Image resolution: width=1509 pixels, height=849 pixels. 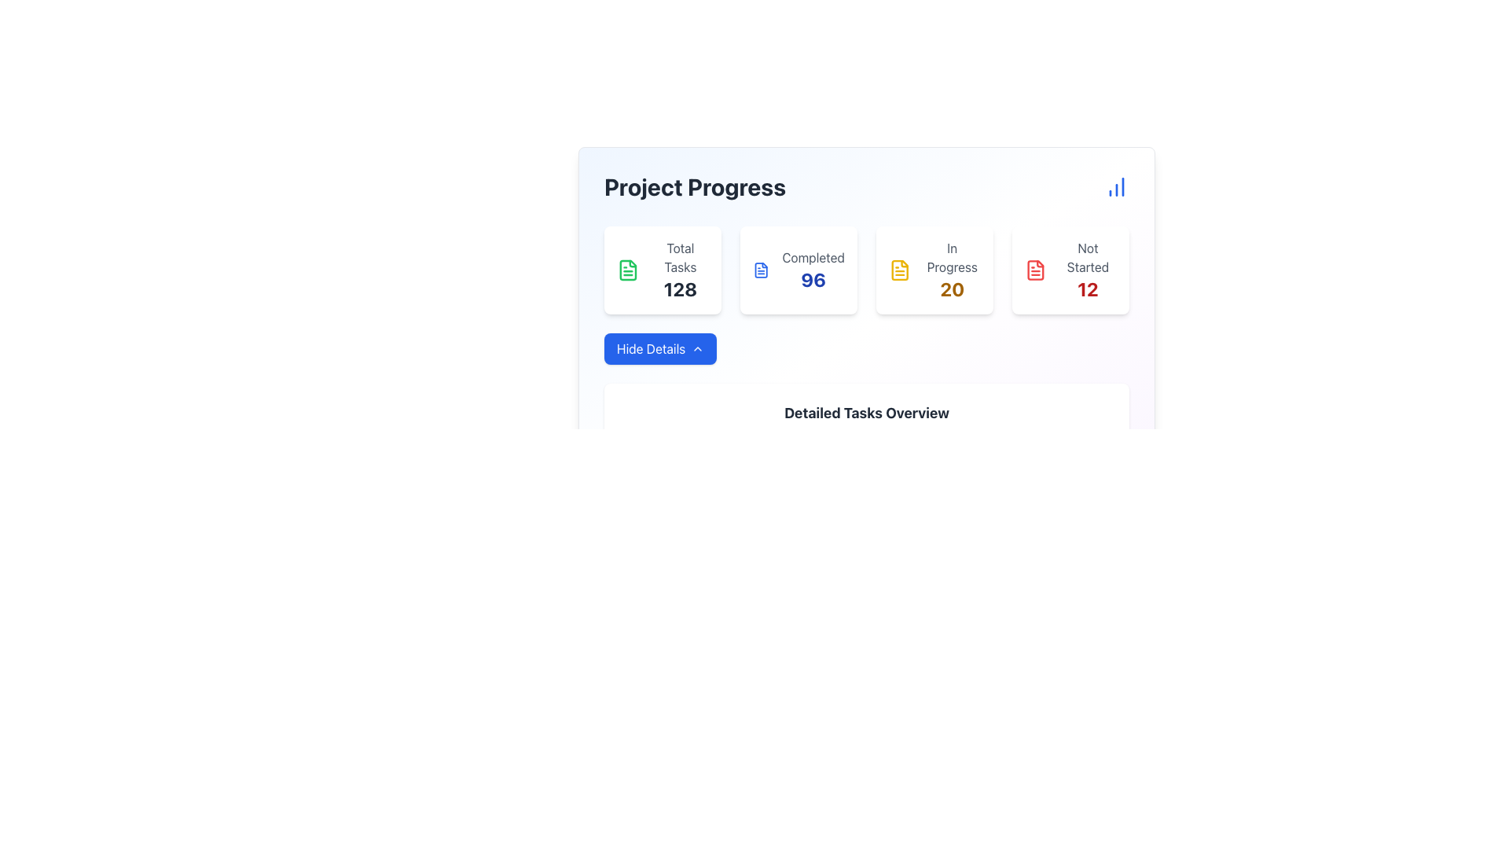 What do you see at coordinates (1115, 186) in the screenshot?
I see `the icon located at the far right end of the header area labeled 'Project Progress', which serves as a button for accessing detailed analytics or a chart view related to project progress` at bounding box center [1115, 186].